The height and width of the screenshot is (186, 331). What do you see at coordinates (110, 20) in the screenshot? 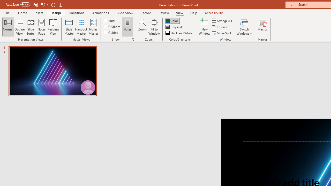
I see `'Ruler'` at bounding box center [110, 20].